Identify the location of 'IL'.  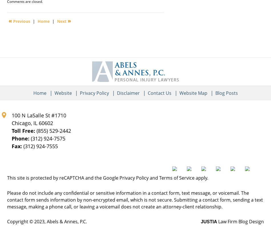
(35, 122).